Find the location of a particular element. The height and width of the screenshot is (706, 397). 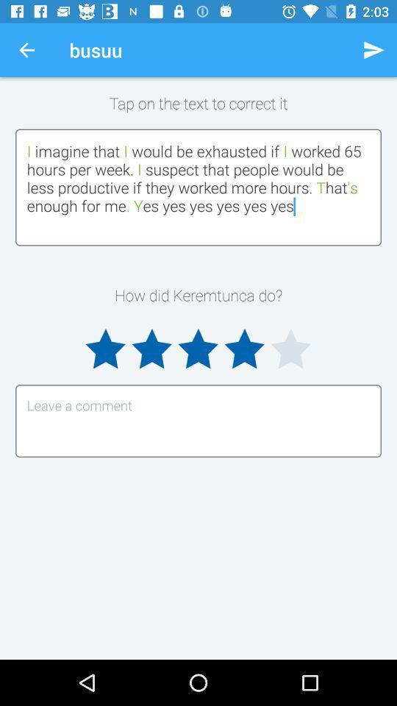

icon next to busuu item is located at coordinates (26, 50).